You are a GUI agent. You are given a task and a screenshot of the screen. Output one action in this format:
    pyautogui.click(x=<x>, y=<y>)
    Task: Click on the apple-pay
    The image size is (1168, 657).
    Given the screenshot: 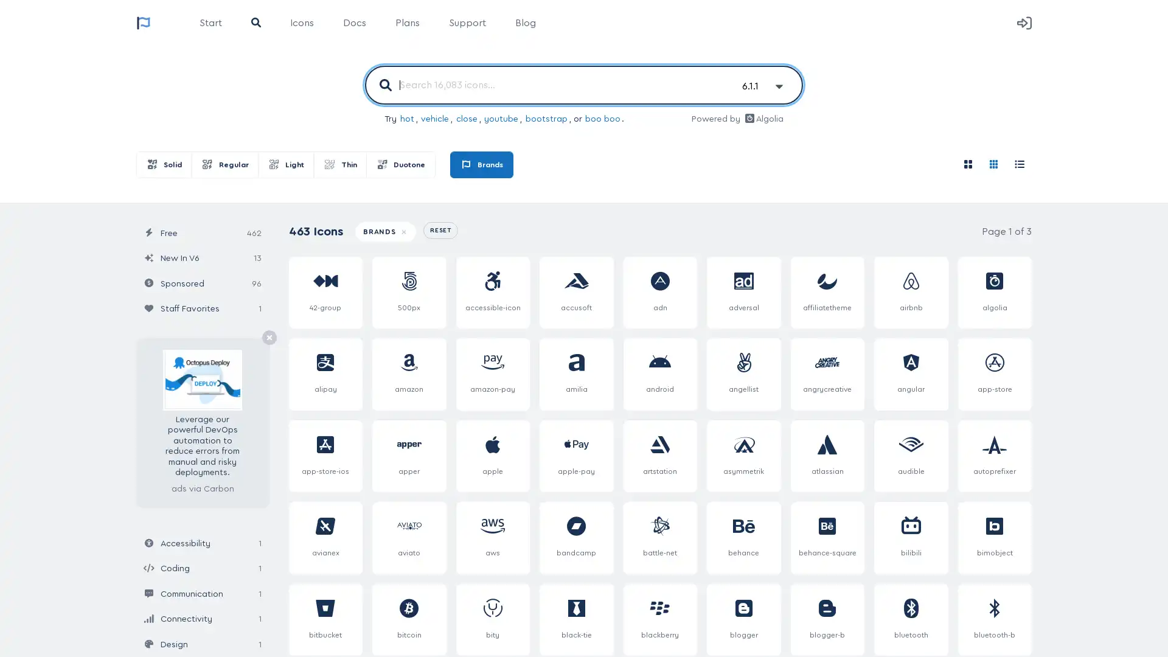 What is the action you would take?
    pyautogui.click(x=575, y=464)
    